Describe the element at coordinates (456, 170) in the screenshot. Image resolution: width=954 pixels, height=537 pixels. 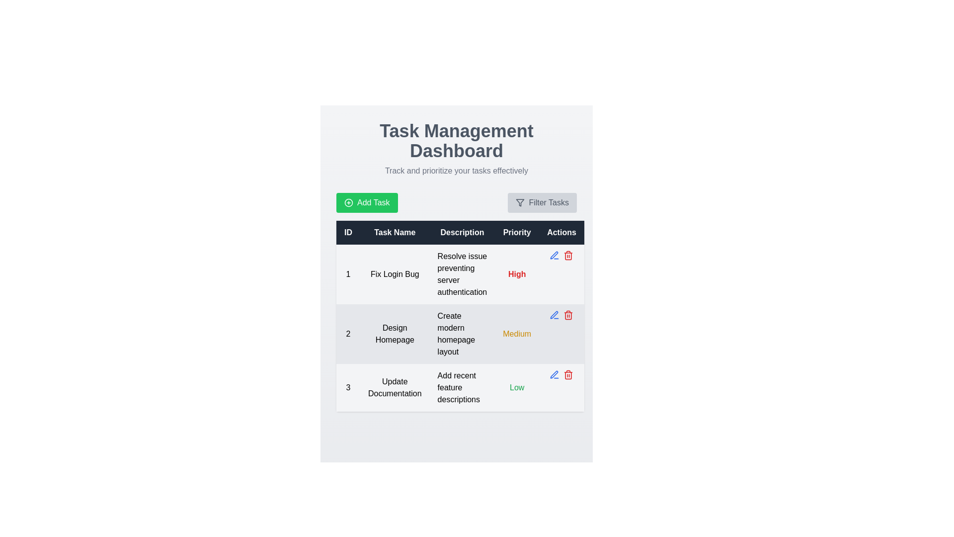
I see `the text label that reads 'Track and prioritize your tasks effectively', which is styled in gray and located directly under the heading 'Task Management Dashboard'` at that location.